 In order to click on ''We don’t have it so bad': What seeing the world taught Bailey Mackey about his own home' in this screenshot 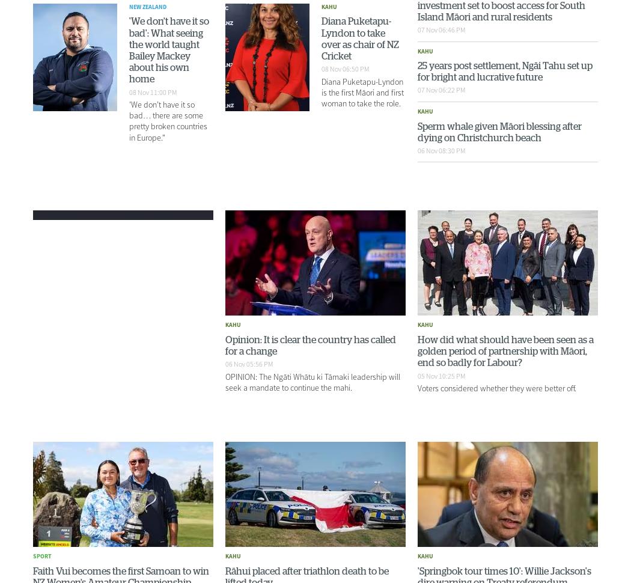, I will do `click(168, 50)`.